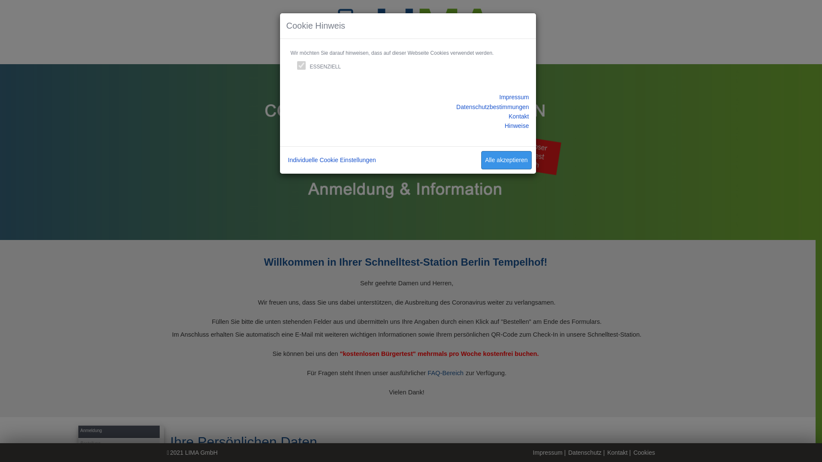  What do you see at coordinates (445, 372) in the screenshot?
I see `'FAQ-Bereich'` at bounding box center [445, 372].